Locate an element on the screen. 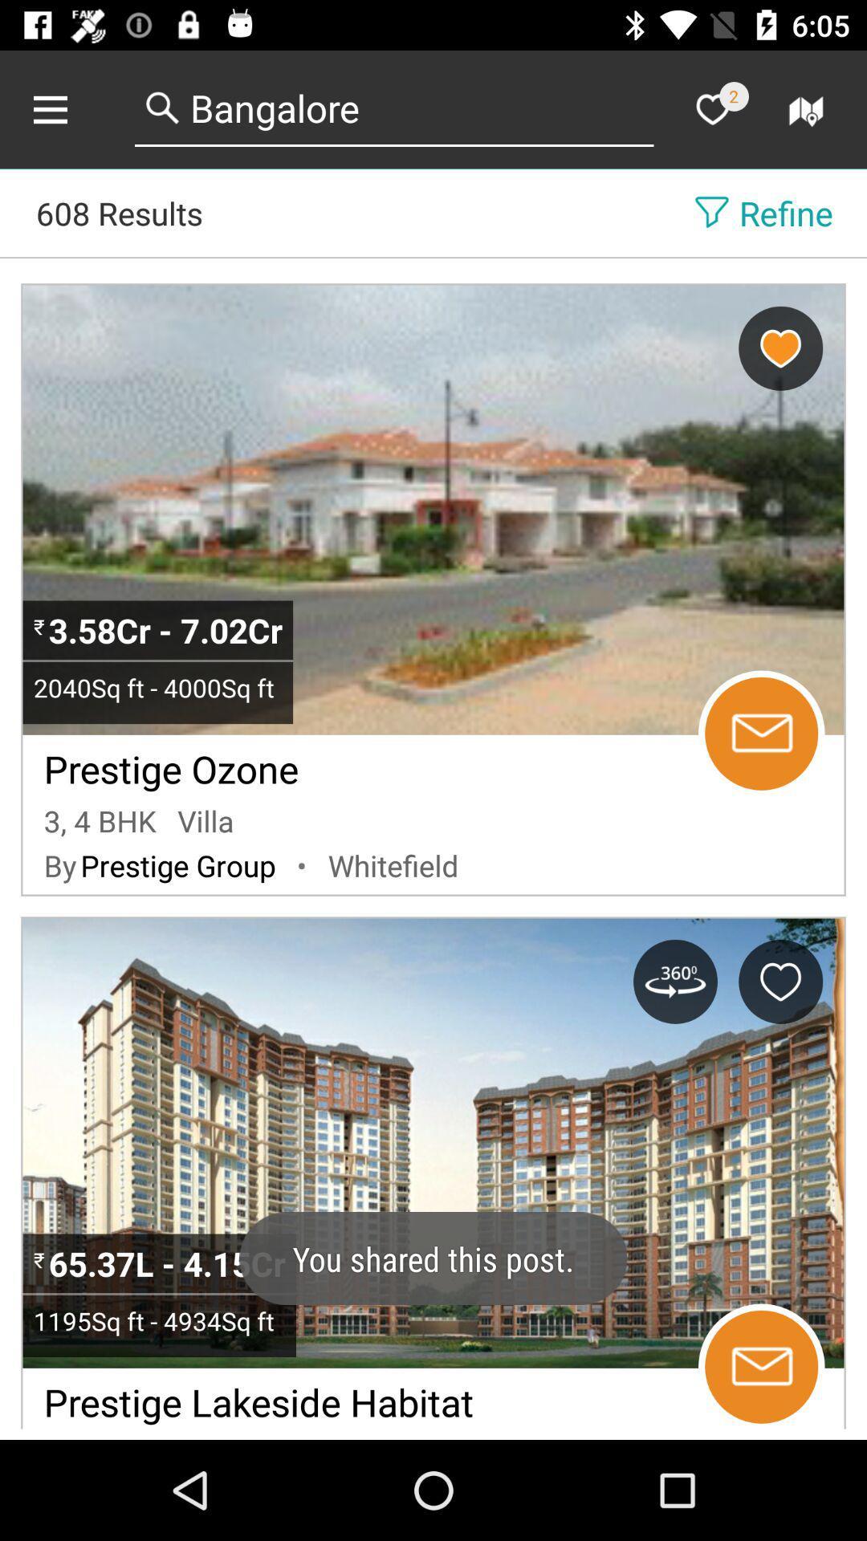 This screenshot has height=1541, width=867. message seller is located at coordinates (760, 1366).